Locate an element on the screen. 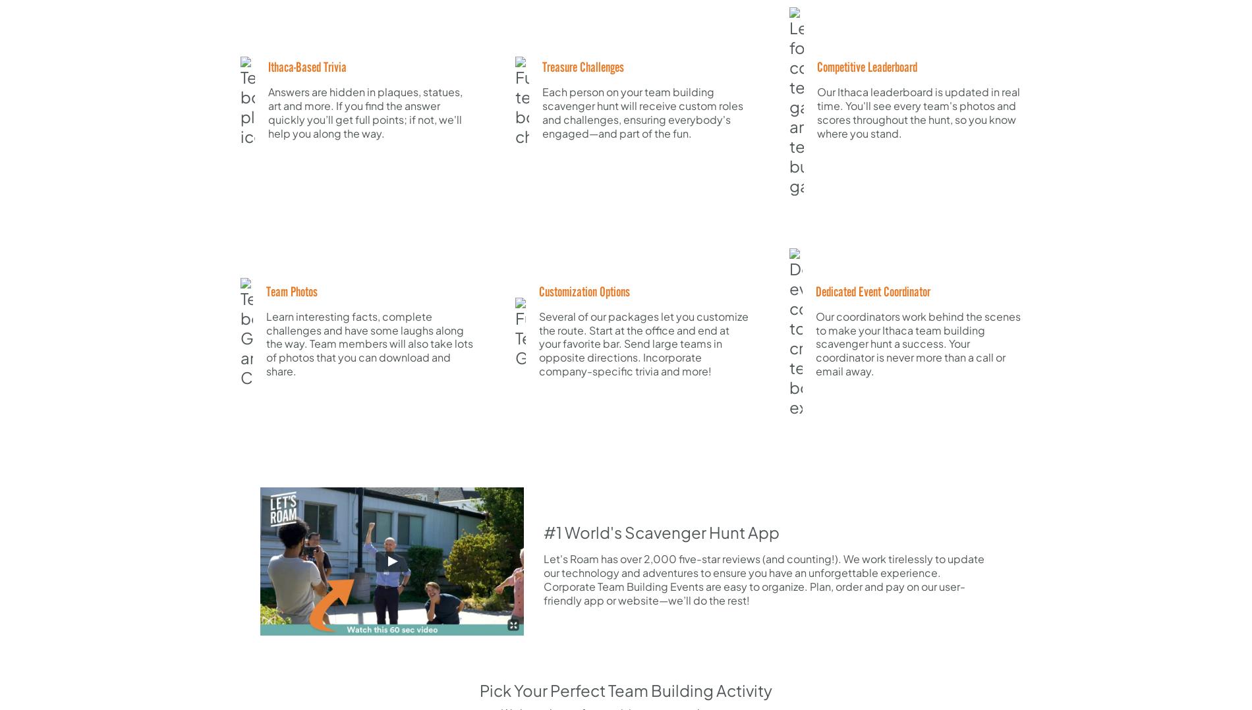  '#1 World's Scavenger Hunt App' is located at coordinates (661, 531).